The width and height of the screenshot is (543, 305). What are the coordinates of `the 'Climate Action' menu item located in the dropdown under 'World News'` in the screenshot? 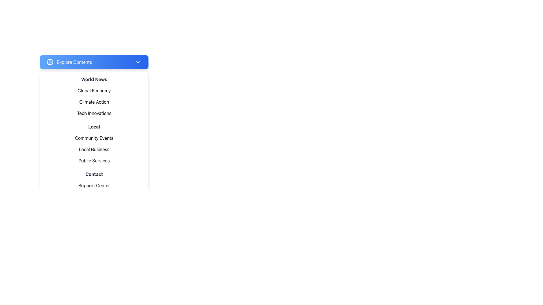 It's located at (94, 102).